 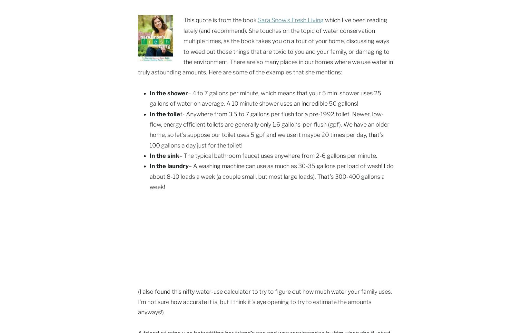 I want to click on '– 4 to 7 gallons per minute, which means that your 5 min. shower uses 25 gallons of water on average. A 10 minute shower uses an incredible 50 gallons!', so click(x=265, y=98).